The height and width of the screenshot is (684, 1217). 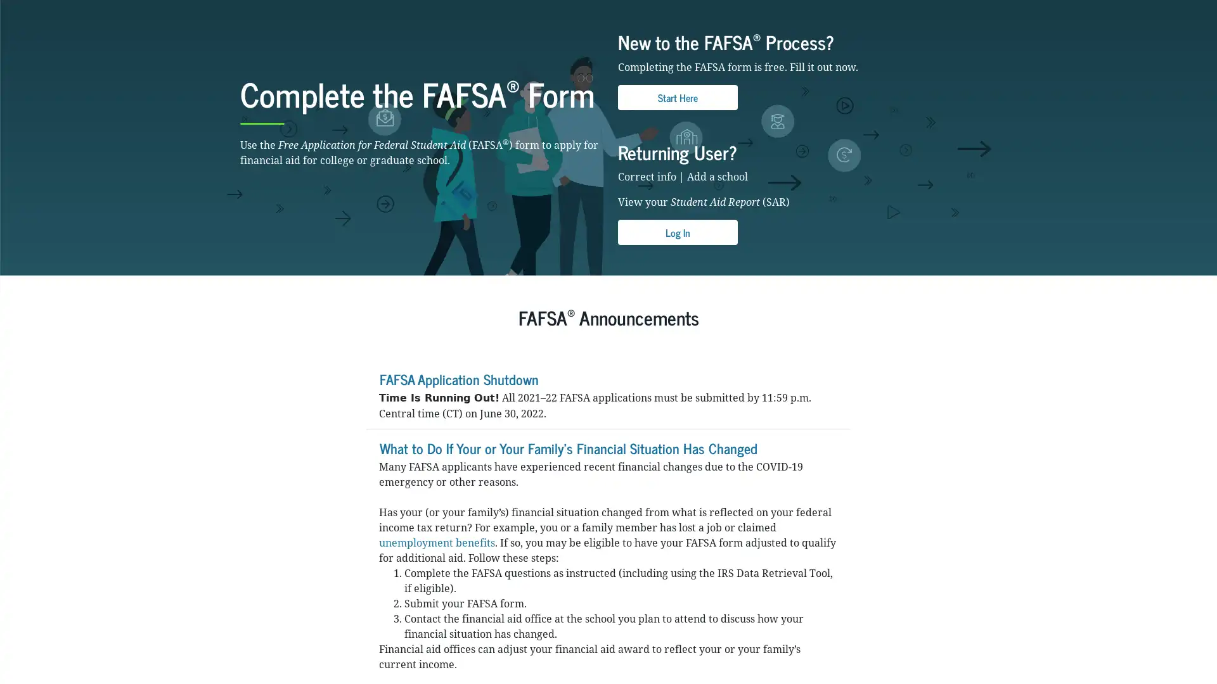 What do you see at coordinates (934, 9) in the screenshot?
I see `English |` at bounding box center [934, 9].